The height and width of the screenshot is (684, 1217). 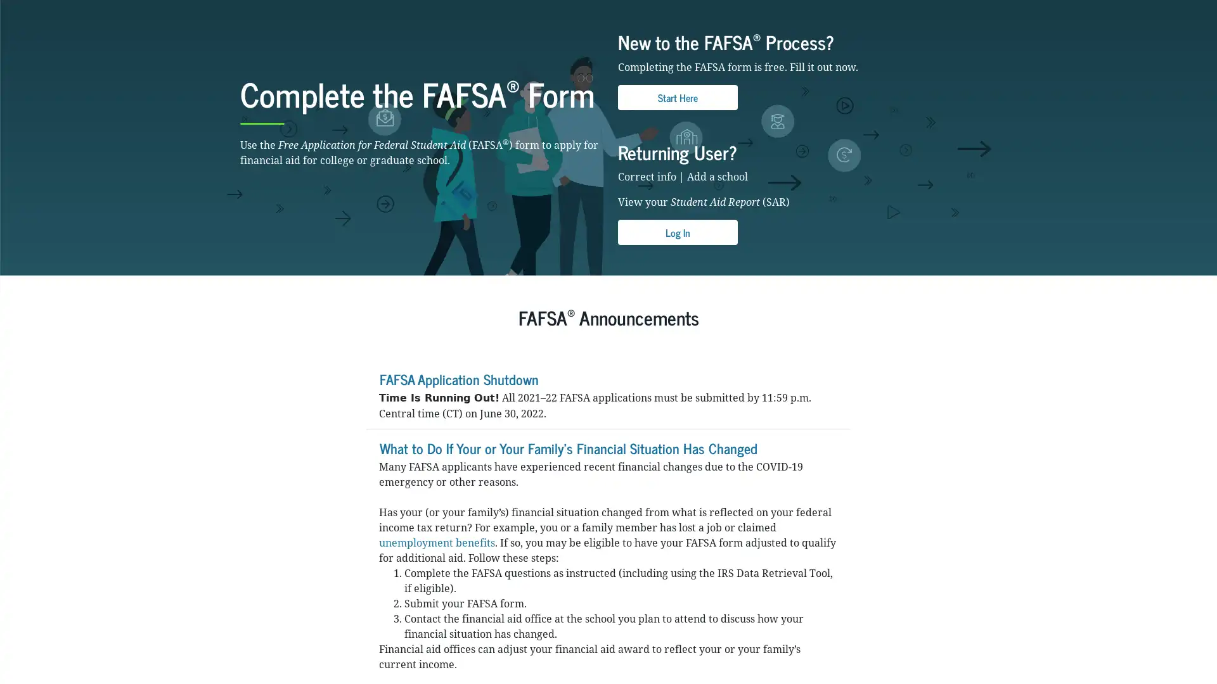 What do you see at coordinates (934, 9) in the screenshot?
I see `English |` at bounding box center [934, 9].